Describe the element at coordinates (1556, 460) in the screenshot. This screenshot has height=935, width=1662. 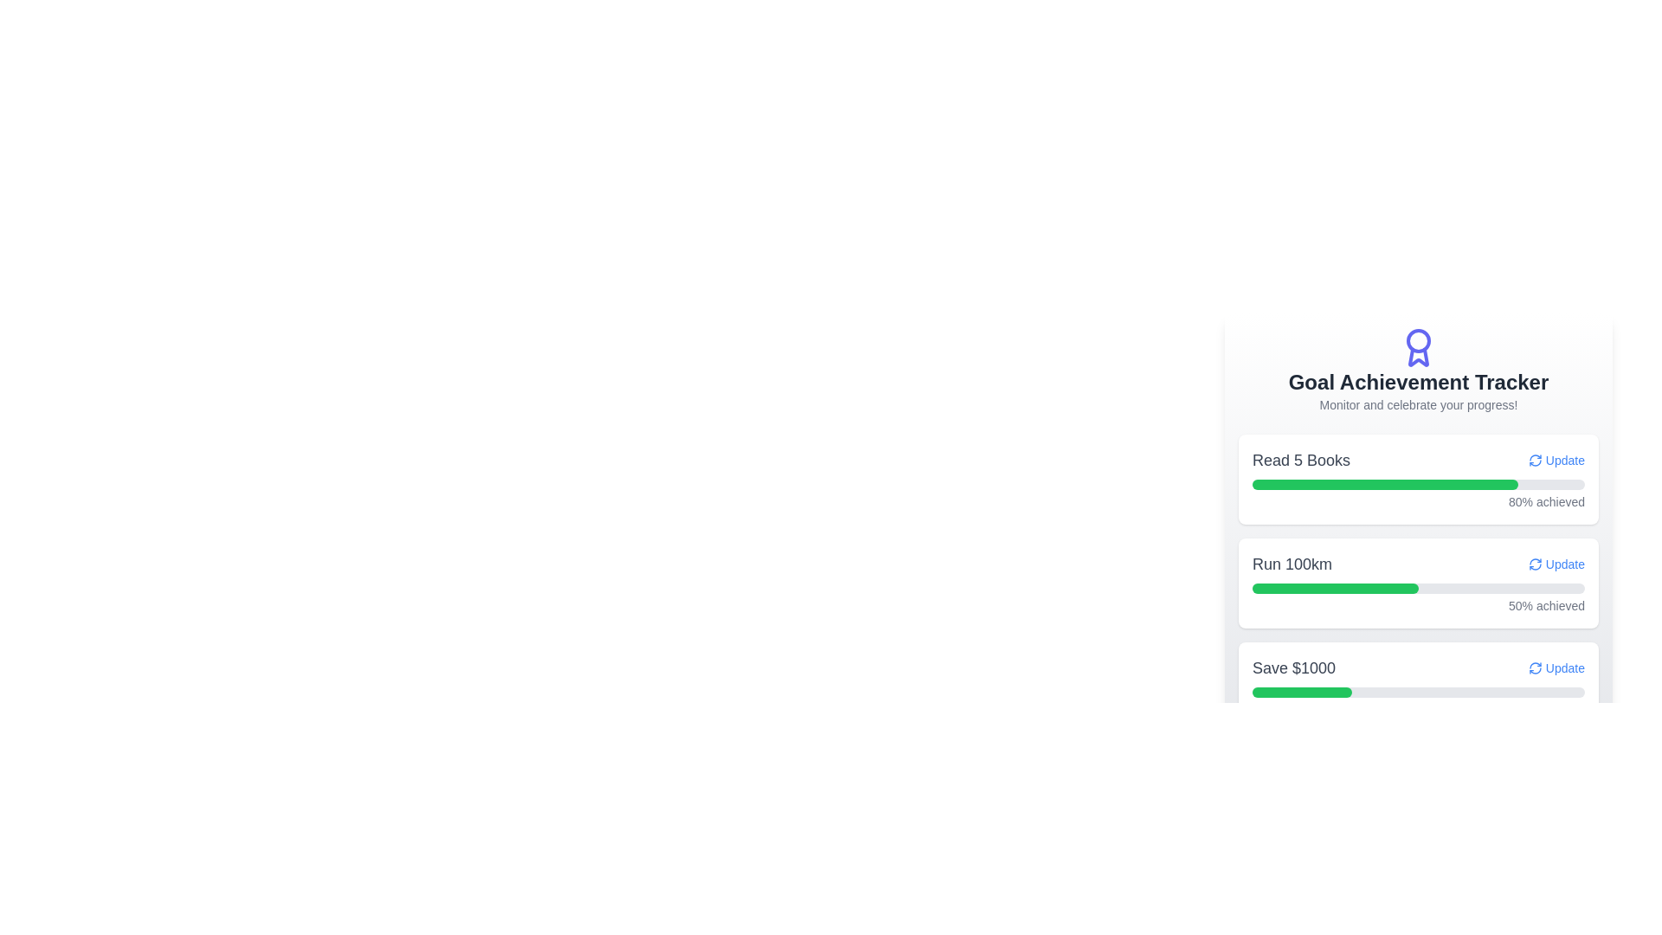
I see `the action button with an icon and text located to the right of 'Read 5 Books'` at that location.